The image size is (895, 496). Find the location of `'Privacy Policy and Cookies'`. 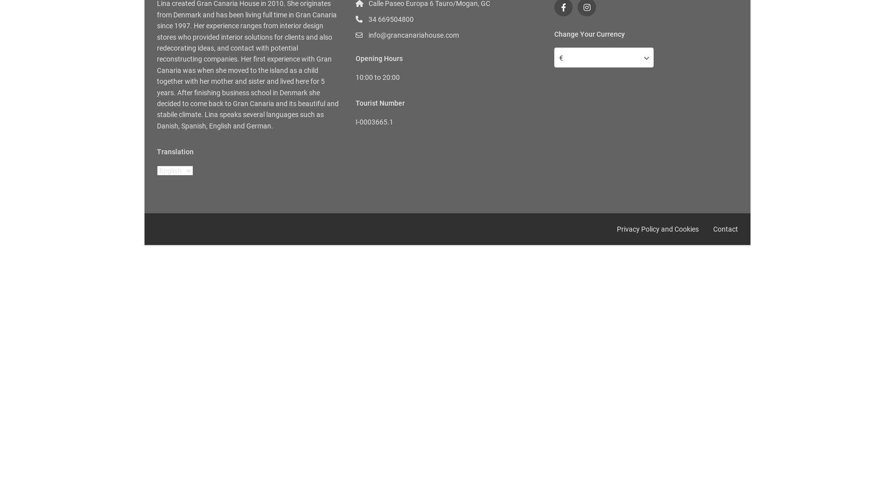

'Privacy Policy and Cookies' is located at coordinates (657, 228).